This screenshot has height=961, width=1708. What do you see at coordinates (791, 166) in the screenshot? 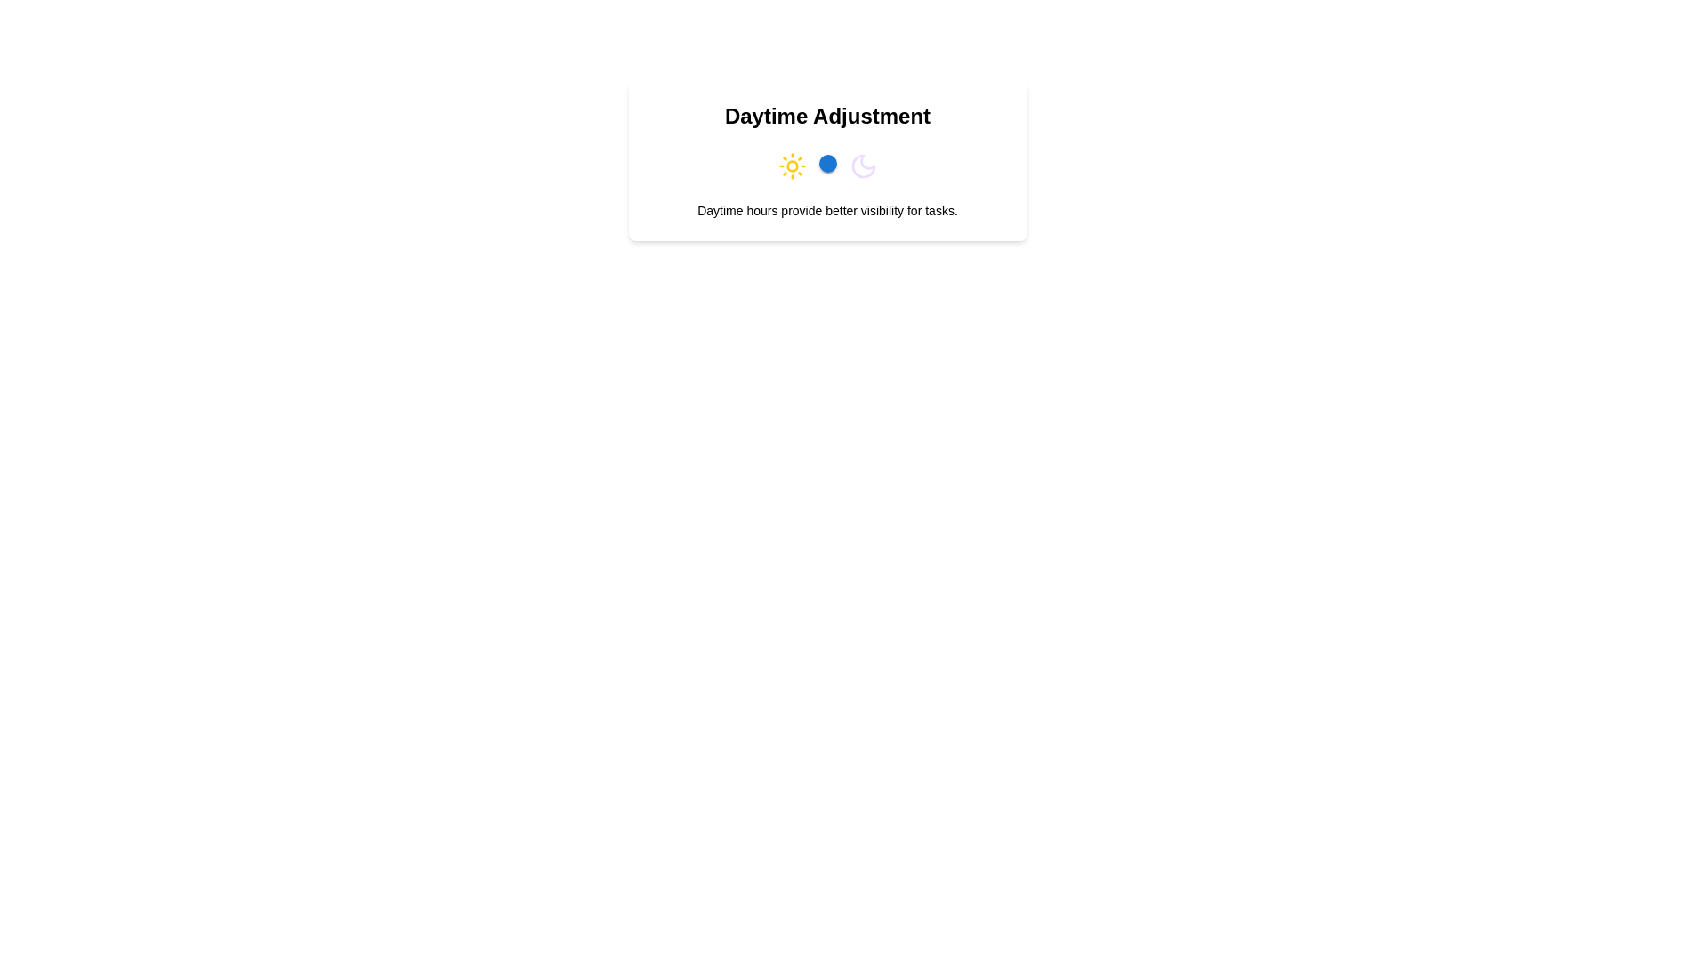
I see `the leftmost icon representing daylight mode under the 'Daytime Adjustment' text` at bounding box center [791, 166].